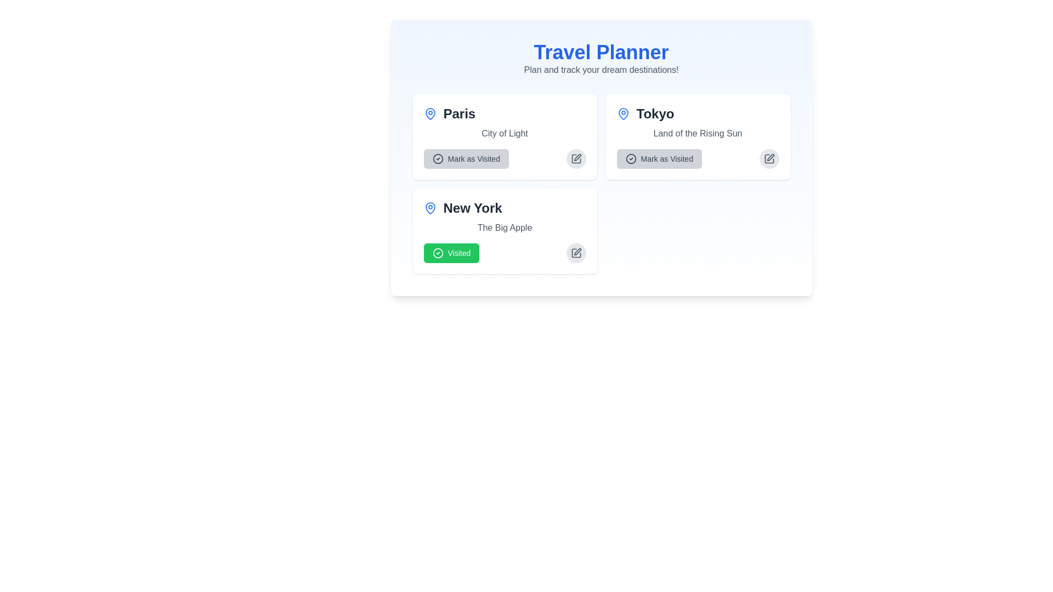 Image resolution: width=1053 pixels, height=592 pixels. I want to click on the state of the circular icon with a green border and white checkmark, which is part of the 'Visited' button located in the bottom-left section of the 'New York' card, so click(437, 253).